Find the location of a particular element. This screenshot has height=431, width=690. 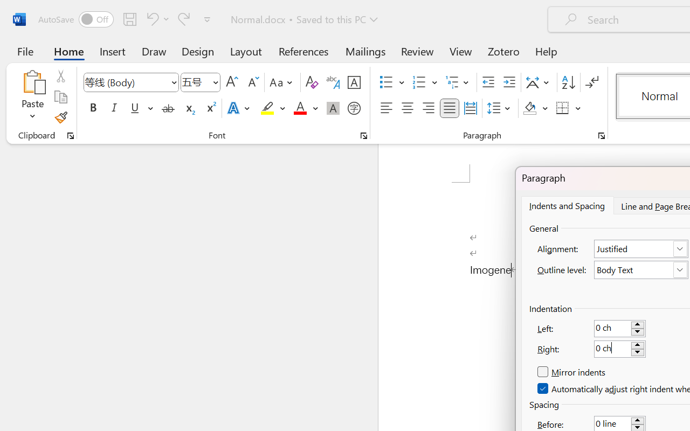

'Help' is located at coordinates (546, 51).